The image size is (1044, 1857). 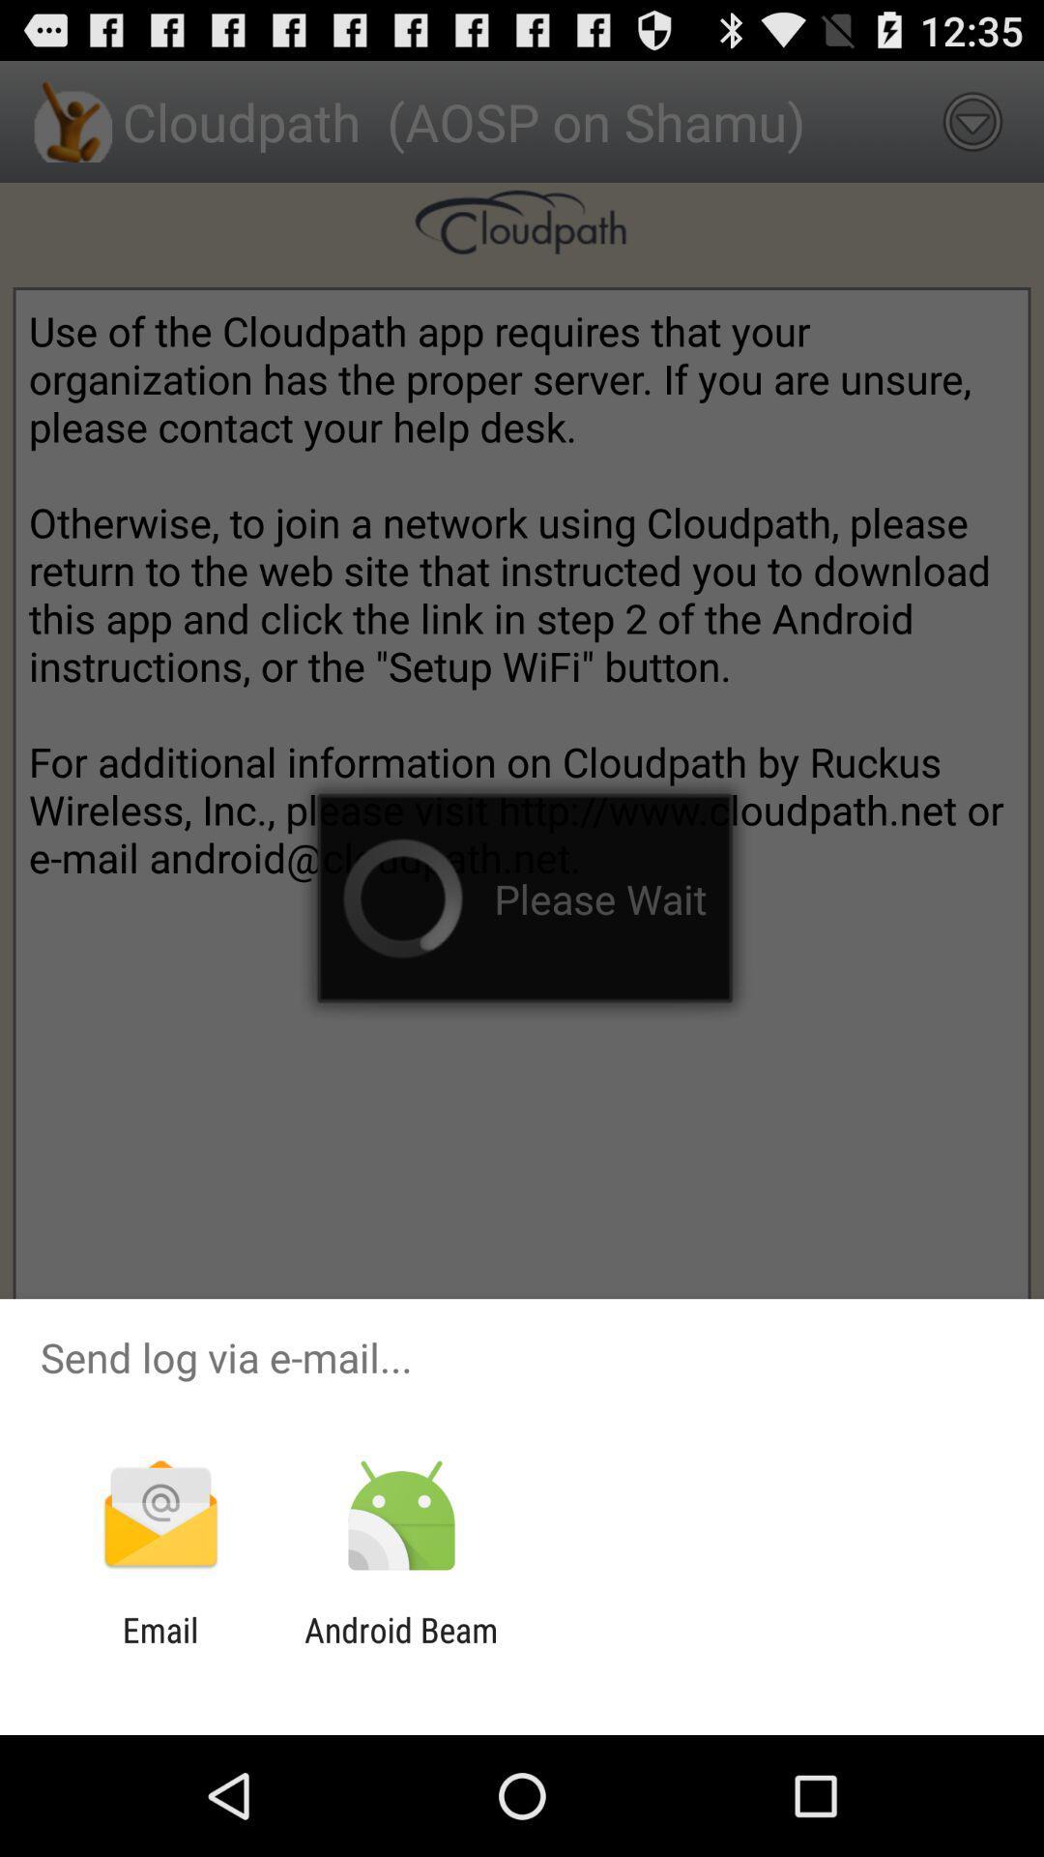 I want to click on the icon to the right of the email, so click(x=400, y=1649).